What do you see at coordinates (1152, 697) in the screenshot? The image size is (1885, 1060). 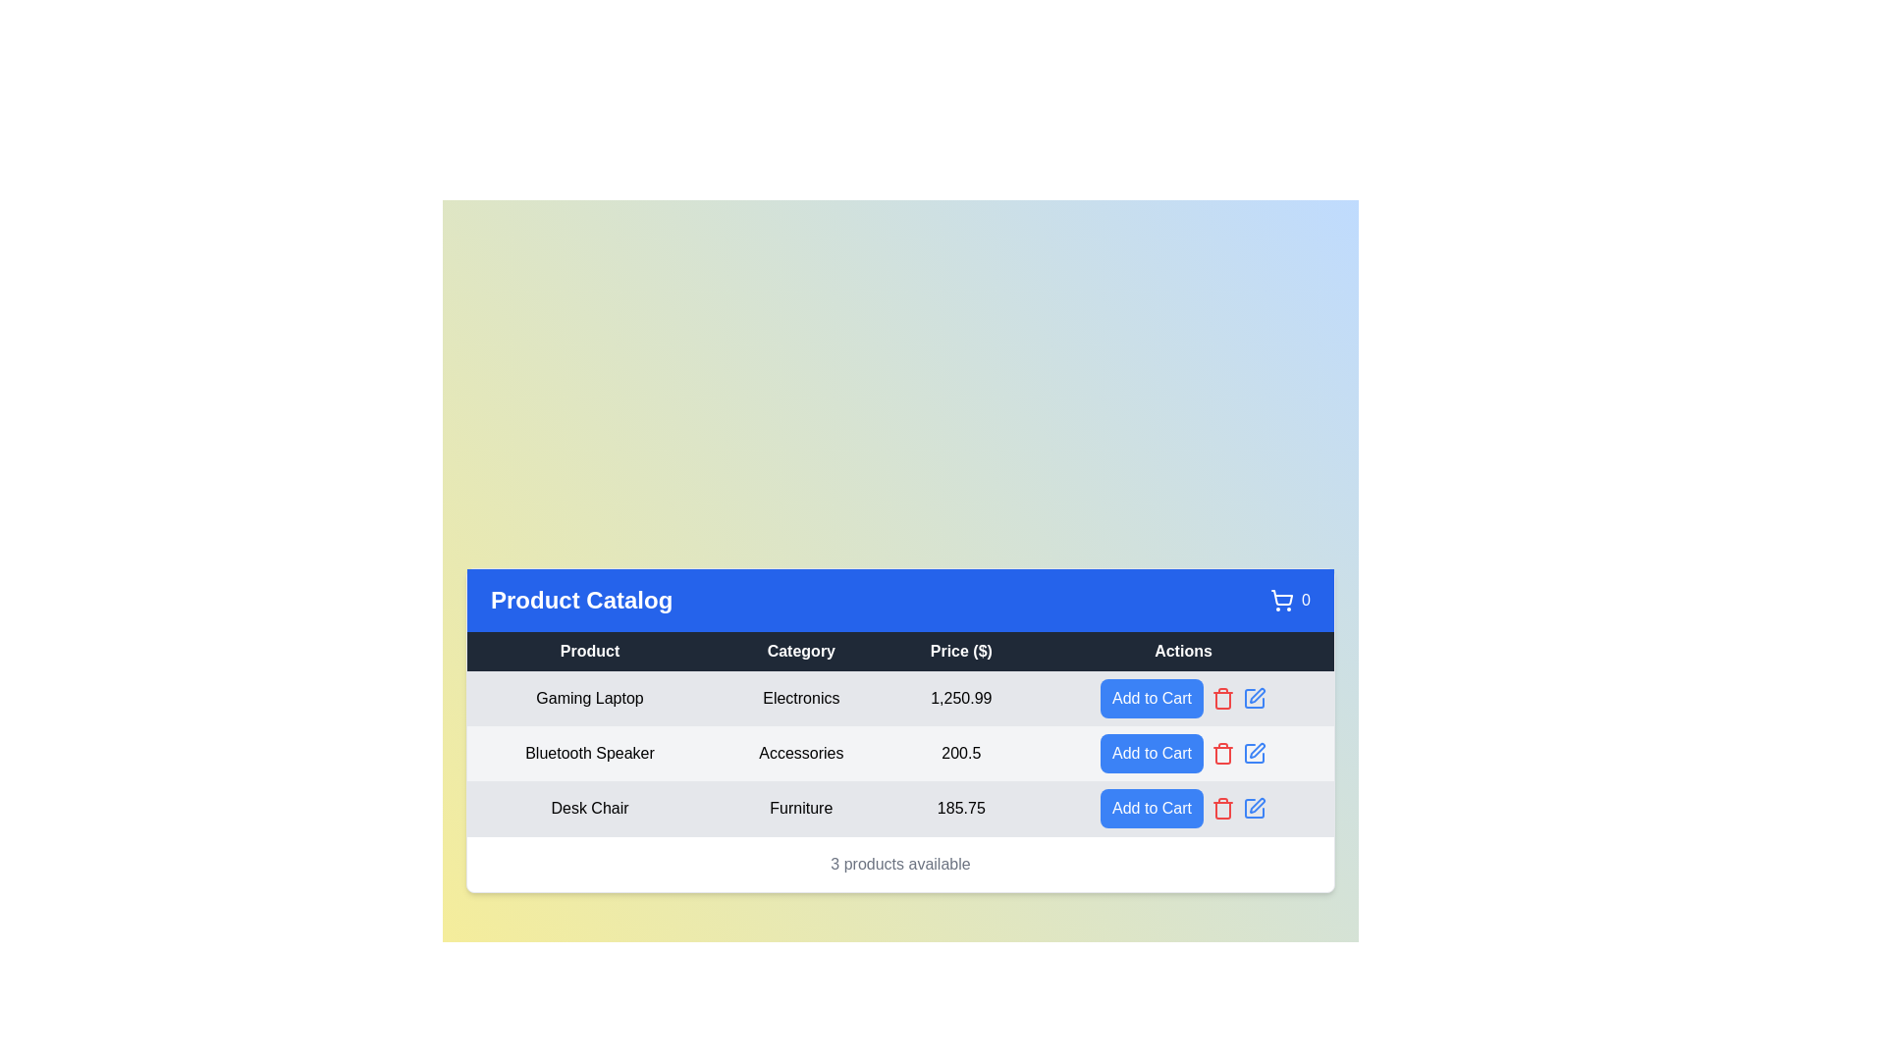 I see `the 'Add to Cart' button, which is a rectangular button with rounded corners, displaying white text on a blue background, to observe its style change` at bounding box center [1152, 697].